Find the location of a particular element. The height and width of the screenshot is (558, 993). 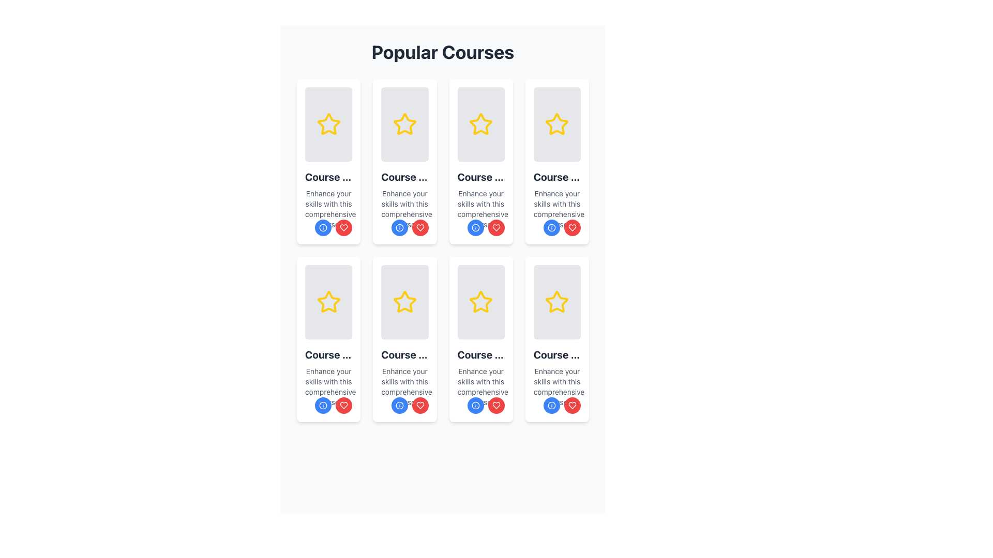

supporting description text element that states 'Enhance your skills with this comprehensive course.' located beneath the title 'Course Title 7' in the card component is located at coordinates (480, 386).